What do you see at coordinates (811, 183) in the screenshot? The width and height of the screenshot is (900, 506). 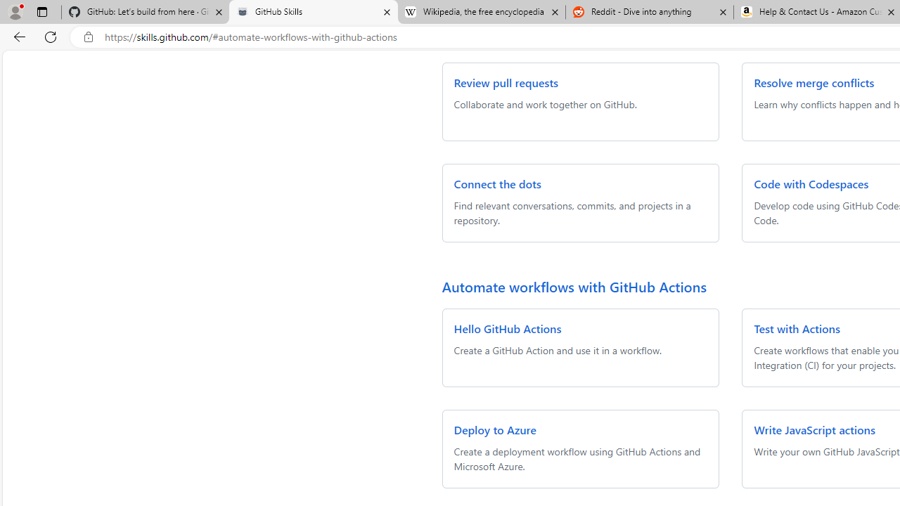 I see `'Code with Codespaces'` at bounding box center [811, 183].